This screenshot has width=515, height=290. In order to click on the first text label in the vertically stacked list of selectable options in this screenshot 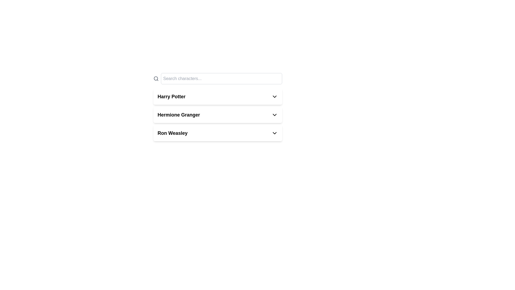, I will do `click(171, 96)`.